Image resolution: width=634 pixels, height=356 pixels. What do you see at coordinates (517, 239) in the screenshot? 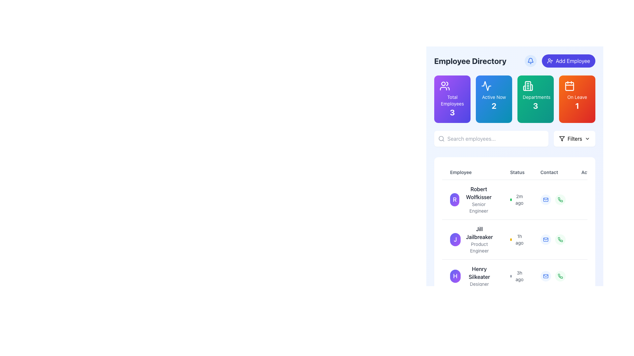
I see `the Timestamp element indicating the time elapsed since user 'Jill Jailbreaker' was active, located in the 'Status' column of the employee directory table, below the employee's name and title` at bounding box center [517, 239].